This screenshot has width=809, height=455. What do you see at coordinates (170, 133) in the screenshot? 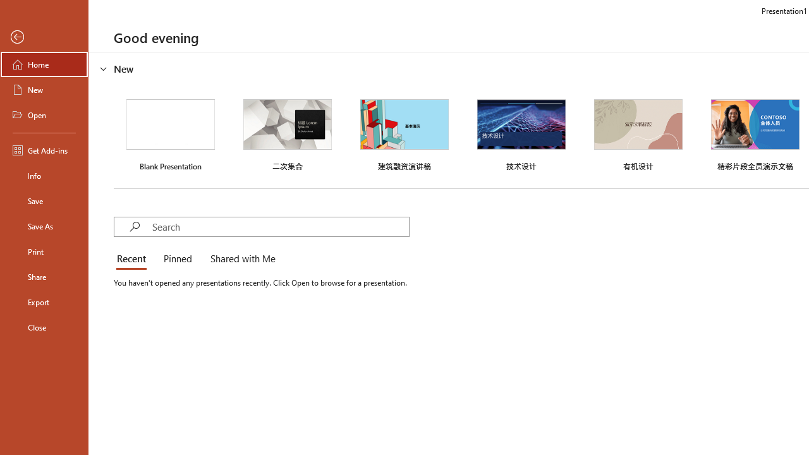
I see `'Blank Presentation'` at bounding box center [170, 133].